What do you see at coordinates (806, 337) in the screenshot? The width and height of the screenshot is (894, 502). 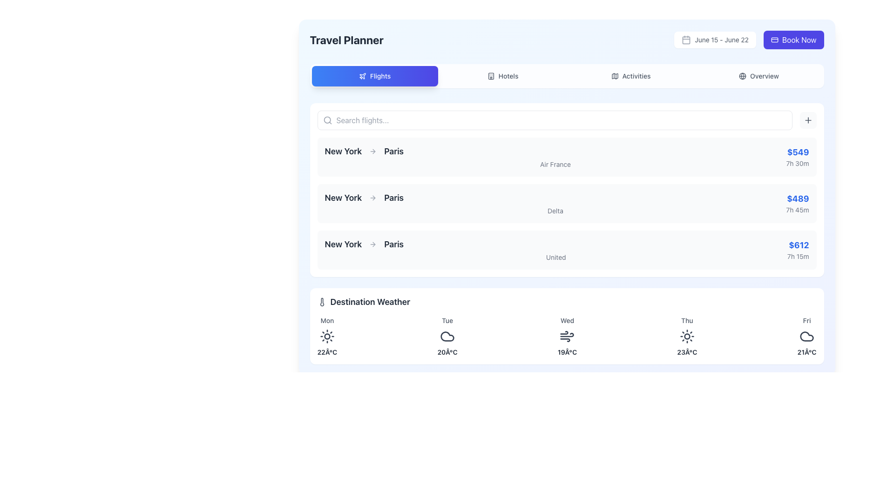 I see `the weather display for Friday, which includes the day abbreviation 'Fri', a cloud icon, and a temperature reading of '21°C'` at bounding box center [806, 337].